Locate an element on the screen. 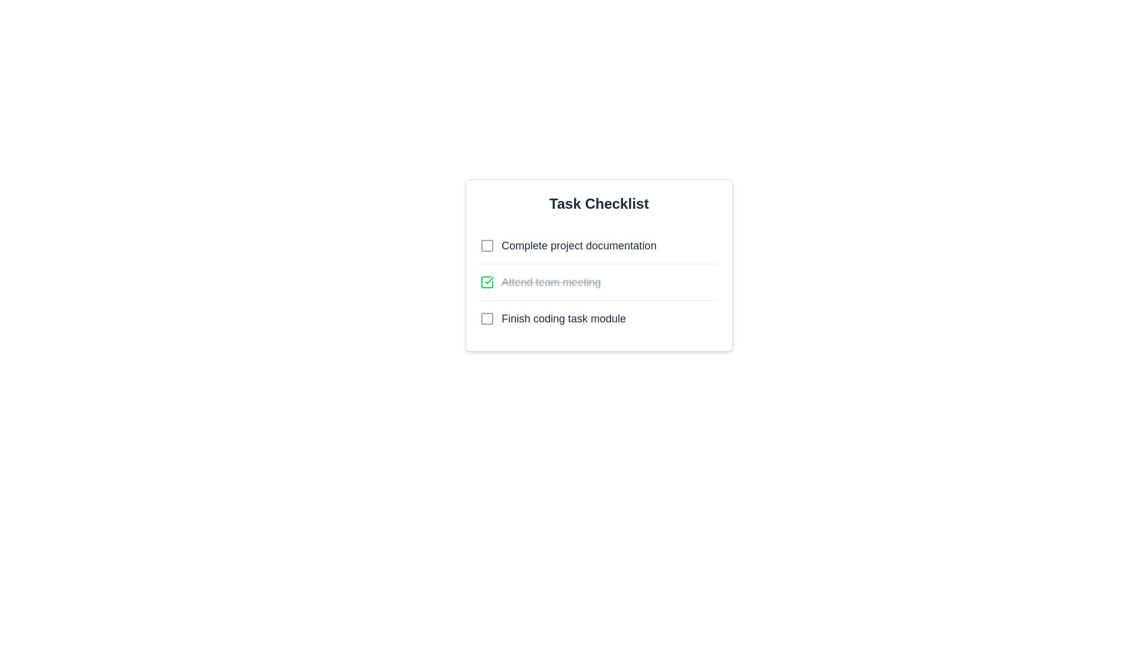 This screenshot has width=1148, height=646. the third task item in the checklist, which has a checkbox is located at coordinates (552, 318).